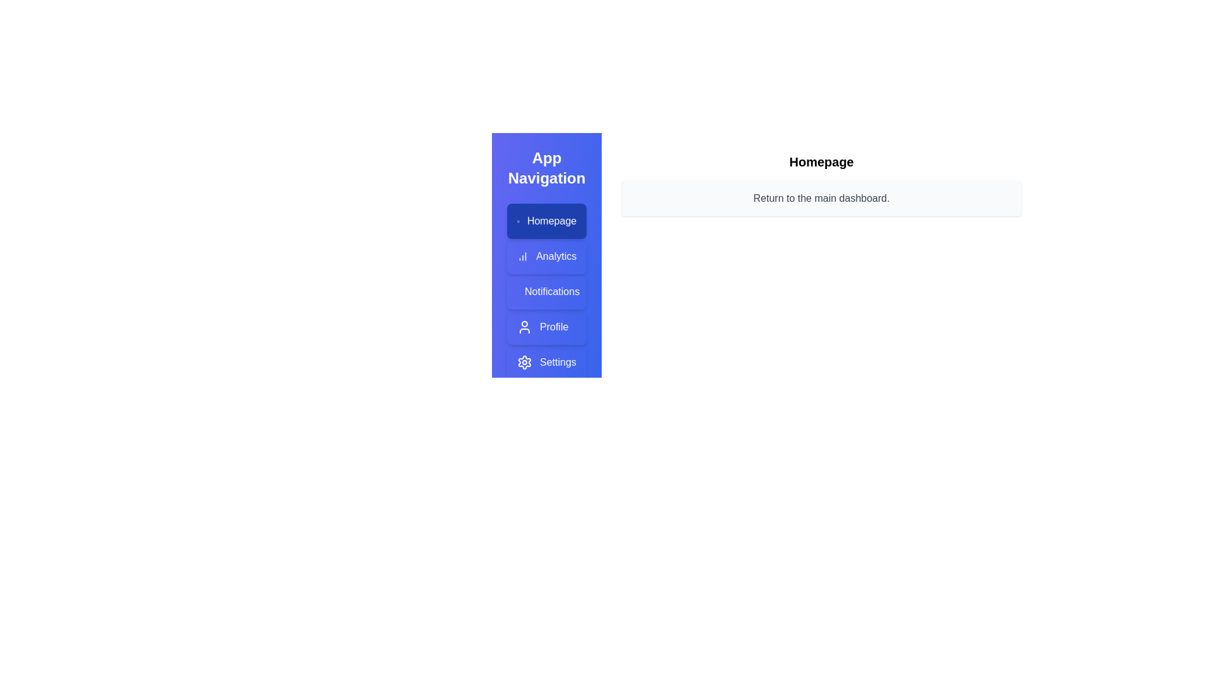  What do you see at coordinates (547, 362) in the screenshot?
I see `the fifth button in the vertical navigation menu on the left` at bounding box center [547, 362].